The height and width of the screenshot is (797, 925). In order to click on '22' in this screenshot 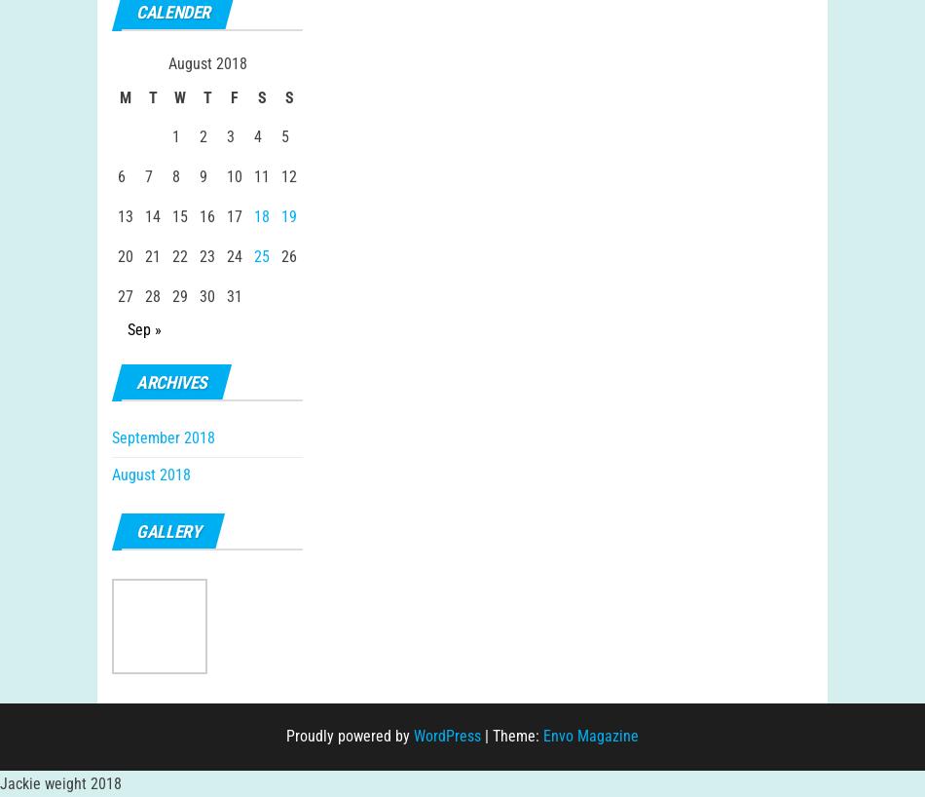, I will do `click(179, 274)`.